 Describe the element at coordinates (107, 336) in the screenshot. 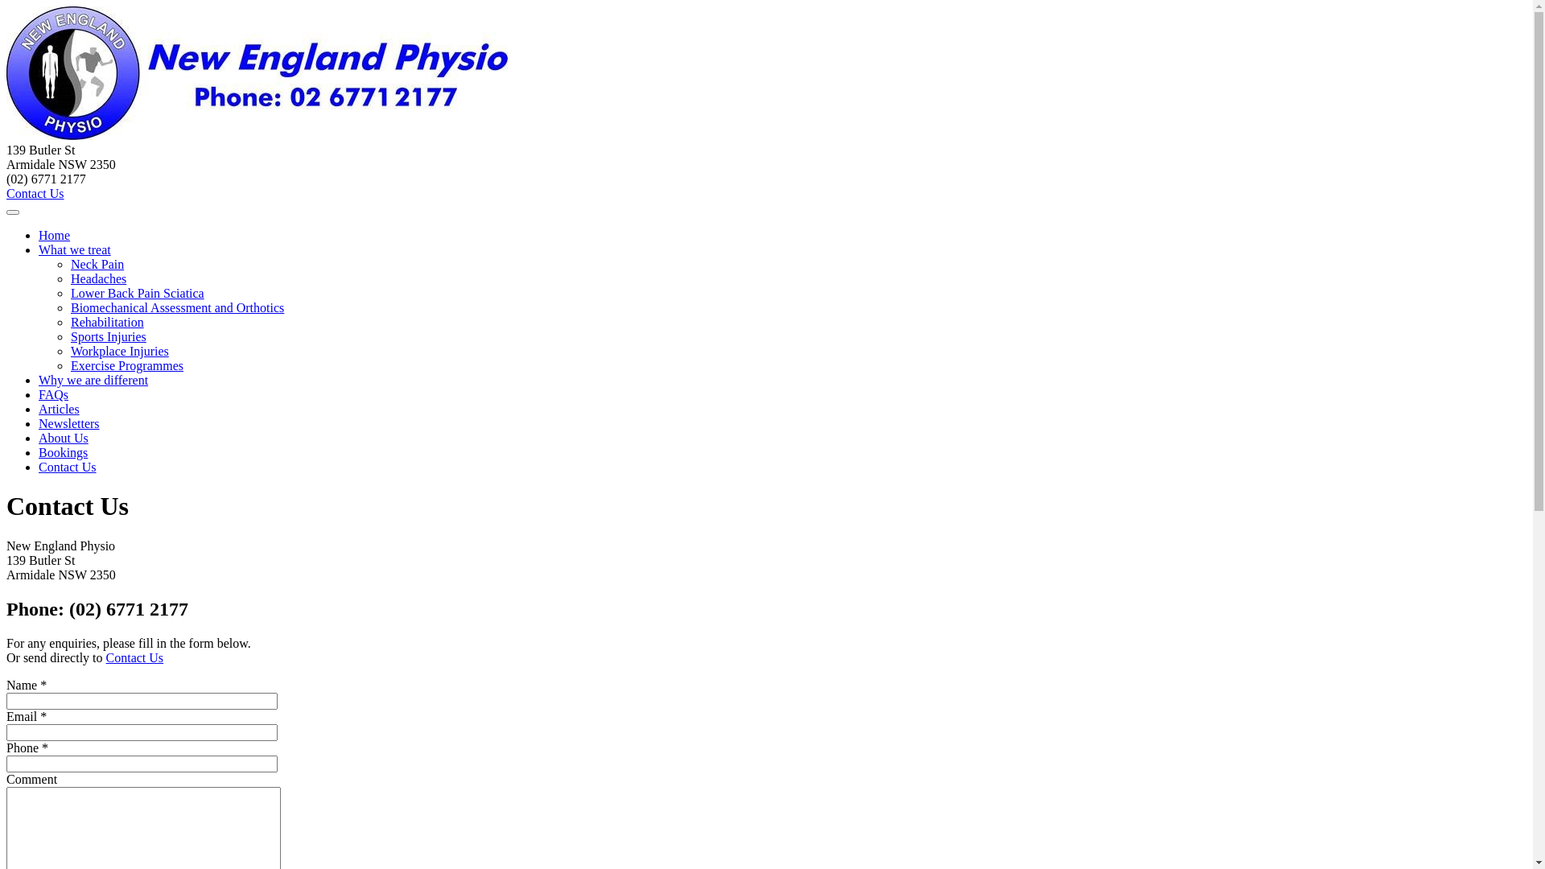

I see `'Sports Injuries'` at that location.